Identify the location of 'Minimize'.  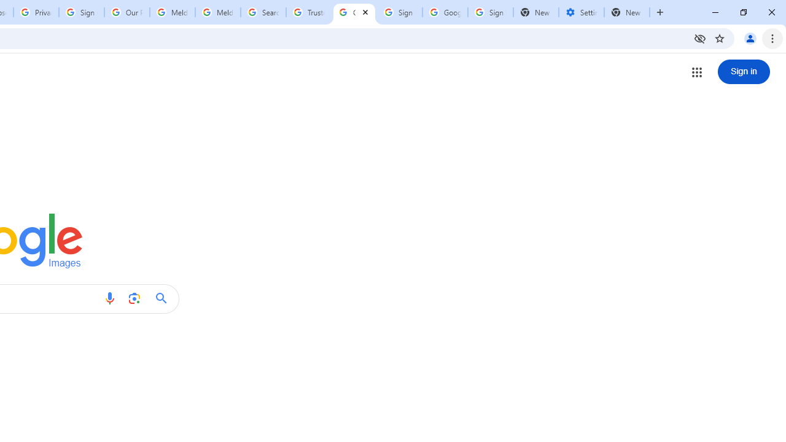
(715, 12).